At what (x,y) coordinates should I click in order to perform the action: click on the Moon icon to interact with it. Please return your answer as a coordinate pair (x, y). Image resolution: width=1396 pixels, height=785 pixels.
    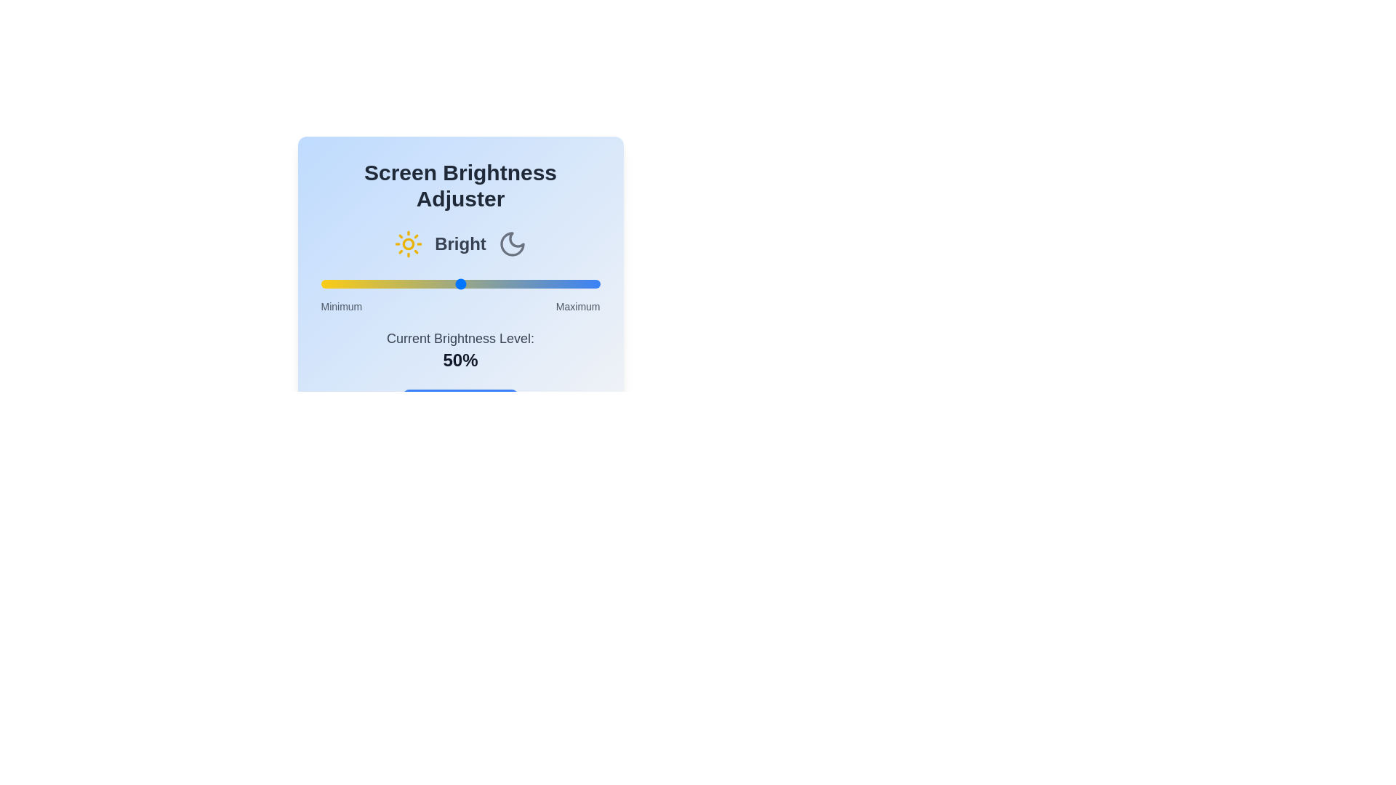
    Looking at the image, I should click on (512, 243).